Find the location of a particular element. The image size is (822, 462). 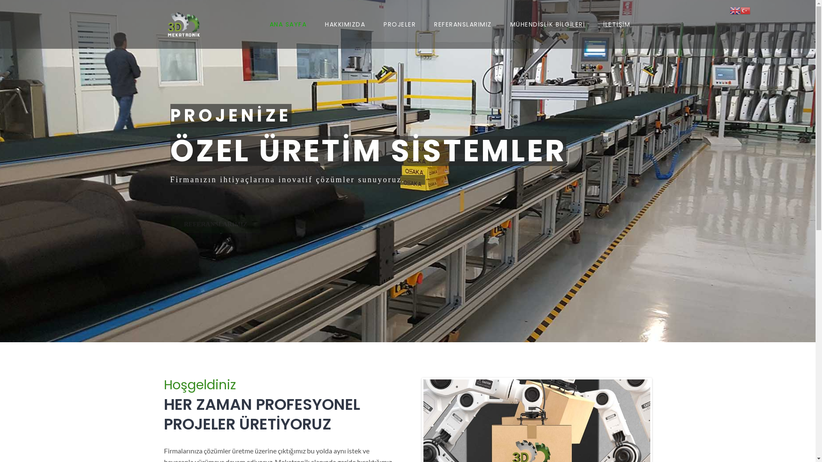

'English' is located at coordinates (735, 9).